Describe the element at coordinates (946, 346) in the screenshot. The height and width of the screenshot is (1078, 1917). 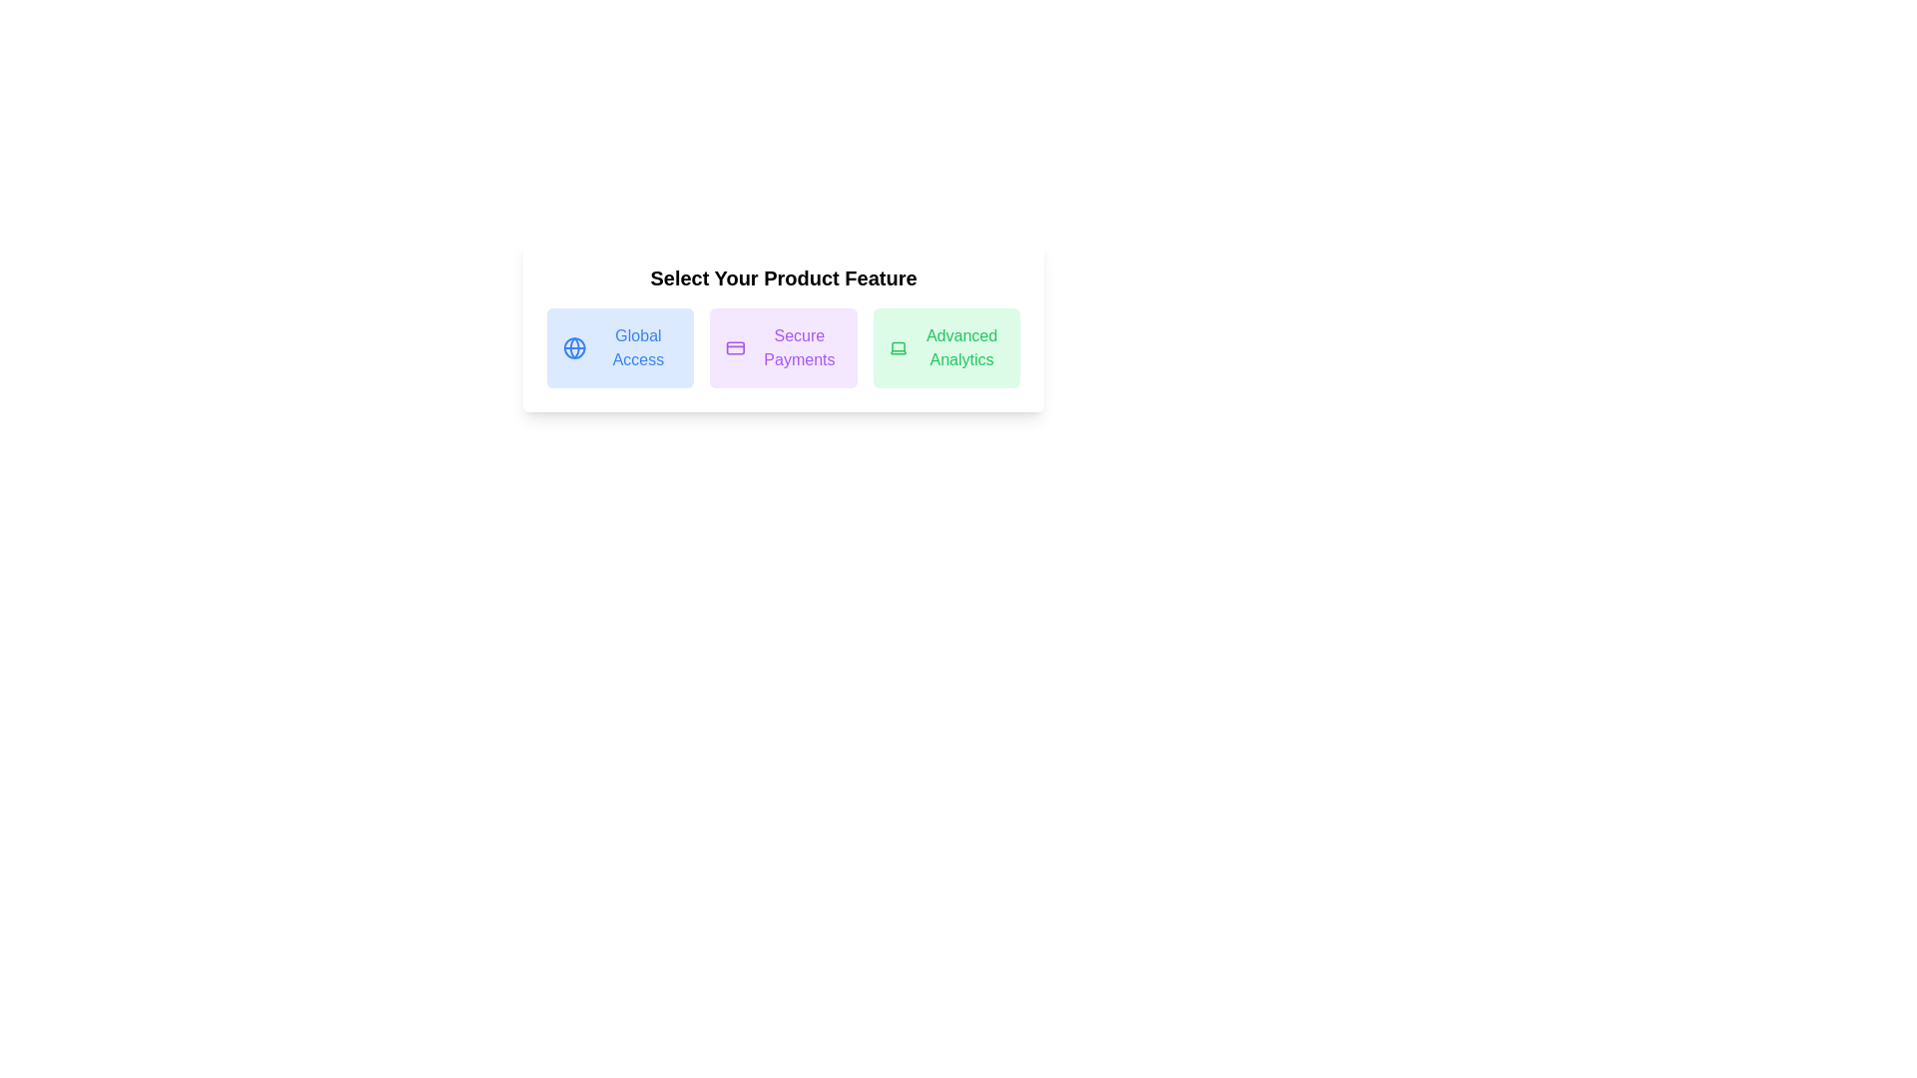
I see `the 'Advanced Analytics' button, which is a rectangular button with rounded corners, a bright green background, and contains a laptop icon on the left and green text on the right` at that location.